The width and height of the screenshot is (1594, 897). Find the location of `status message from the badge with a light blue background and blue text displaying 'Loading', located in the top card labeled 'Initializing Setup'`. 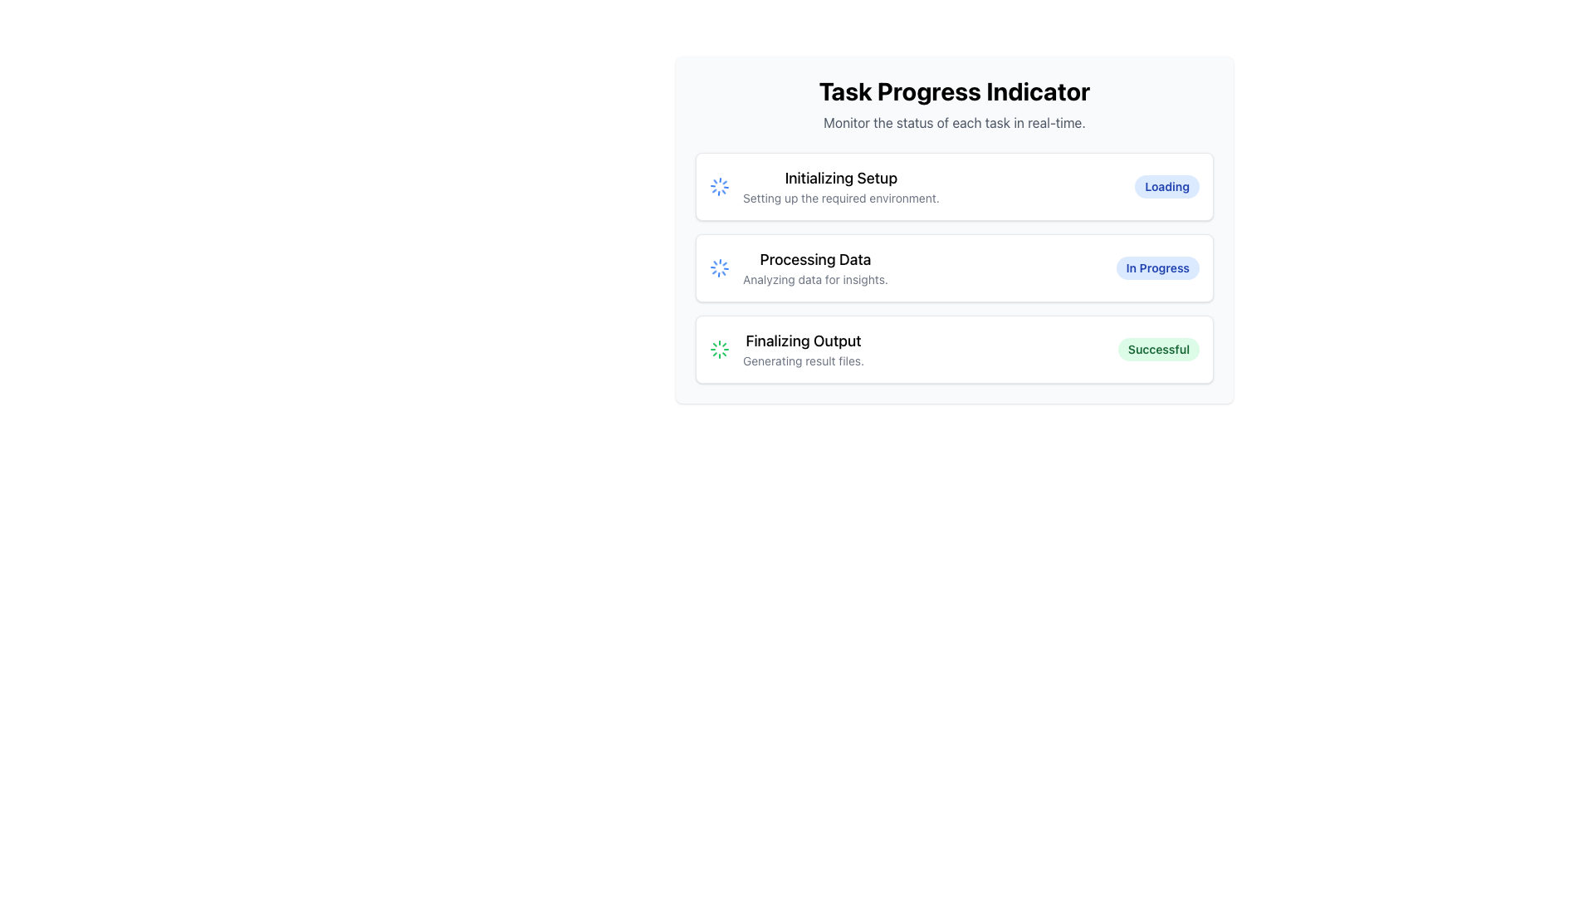

status message from the badge with a light blue background and blue text displaying 'Loading', located in the top card labeled 'Initializing Setup' is located at coordinates (1166, 186).